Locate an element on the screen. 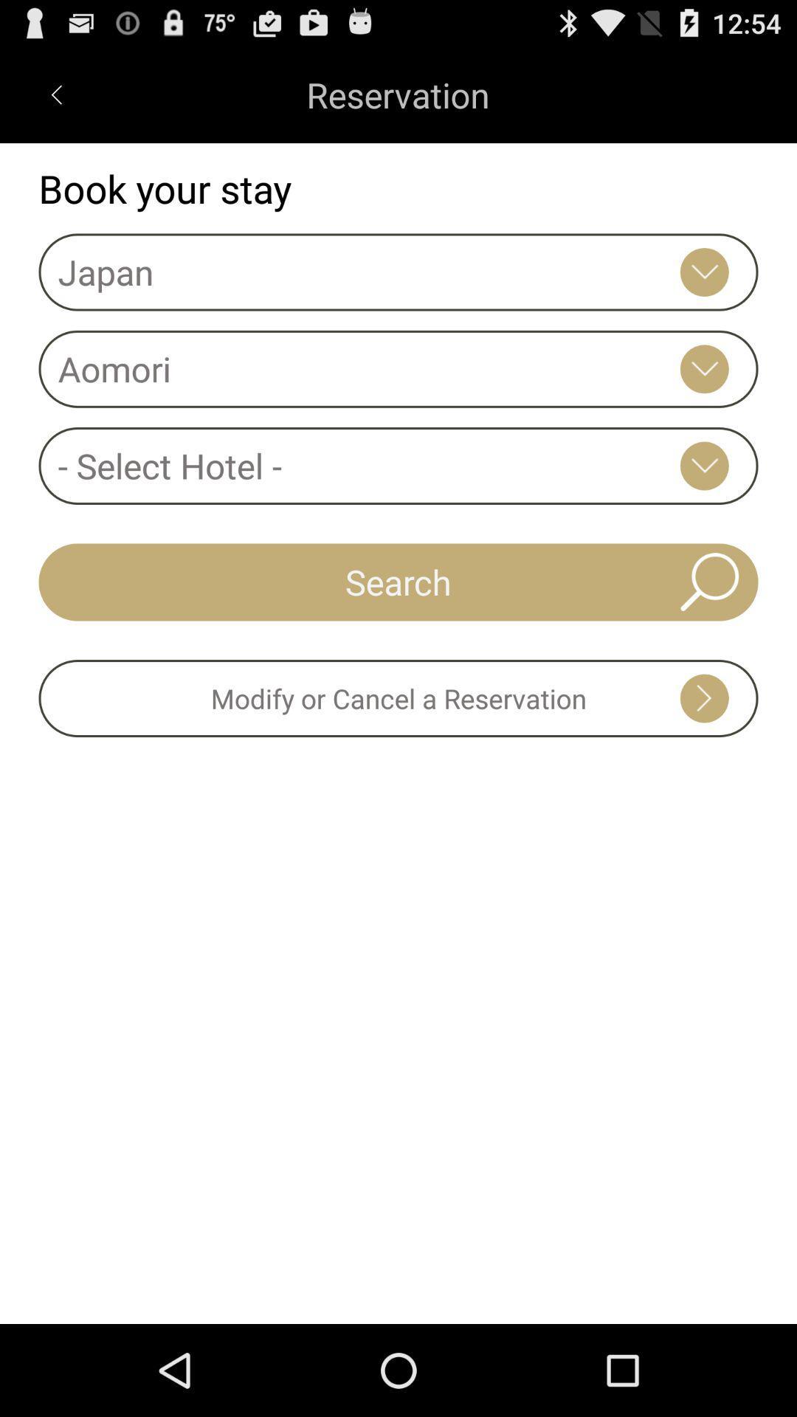 This screenshot has width=797, height=1417. the 1st down arrow is located at coordinates (704, 272).